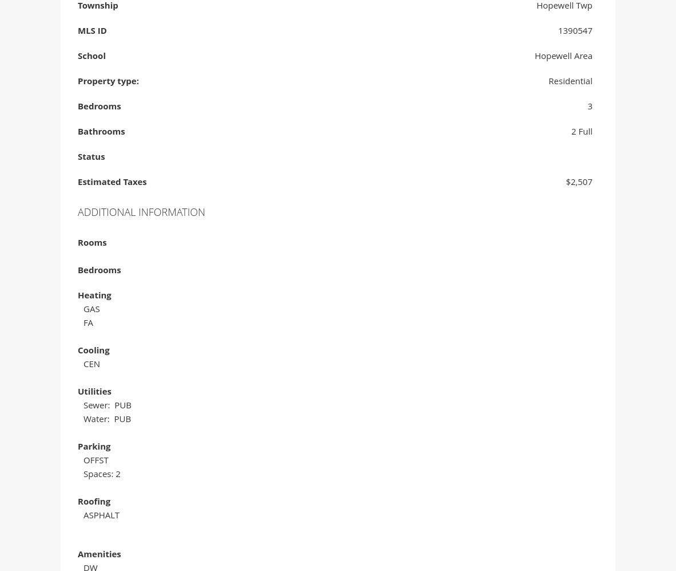  Describe the element at coordinates (83, 309) in the screenshot. I see `'GAS'` at that location.